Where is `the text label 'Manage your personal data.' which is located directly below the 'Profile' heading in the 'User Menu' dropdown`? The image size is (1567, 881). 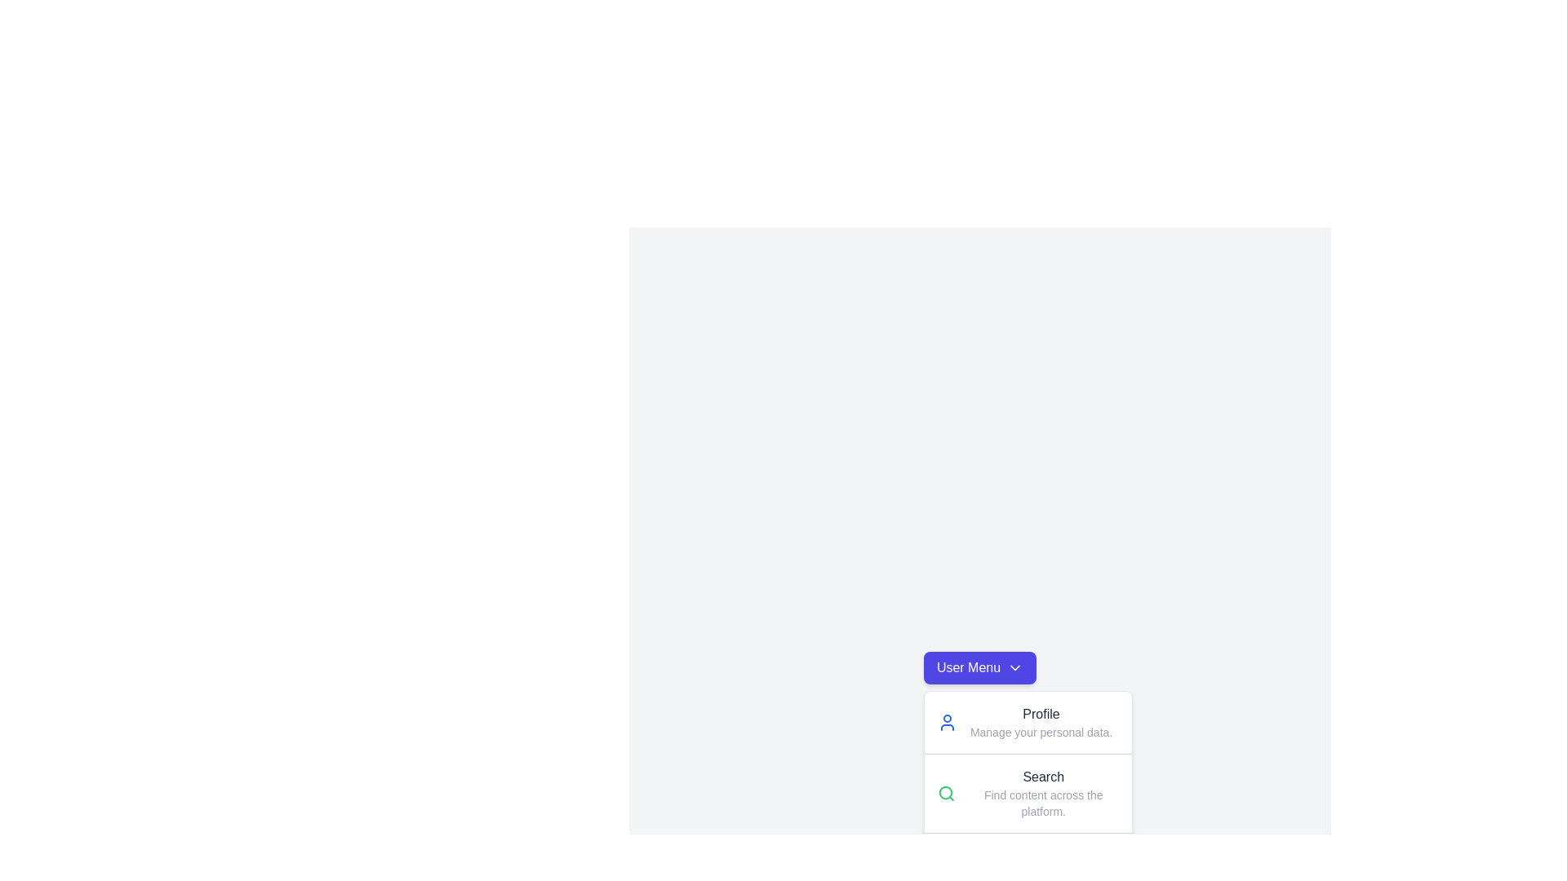
the text label 'Manage your personal data.' which is located directly below the 'Profile' heading in the 'User Menu' dropdown is located at coordinates (1041, 732).